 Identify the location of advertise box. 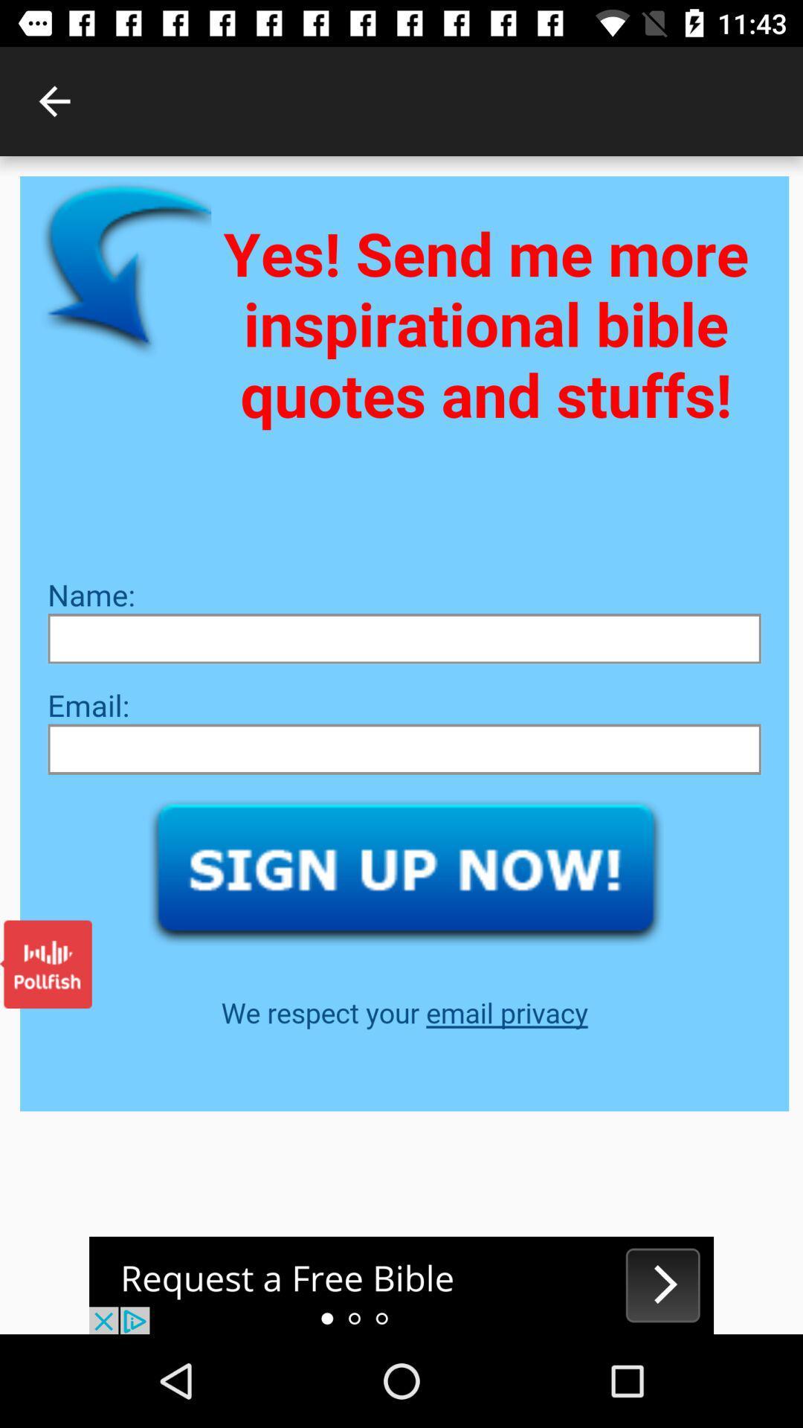
(401, 1284).